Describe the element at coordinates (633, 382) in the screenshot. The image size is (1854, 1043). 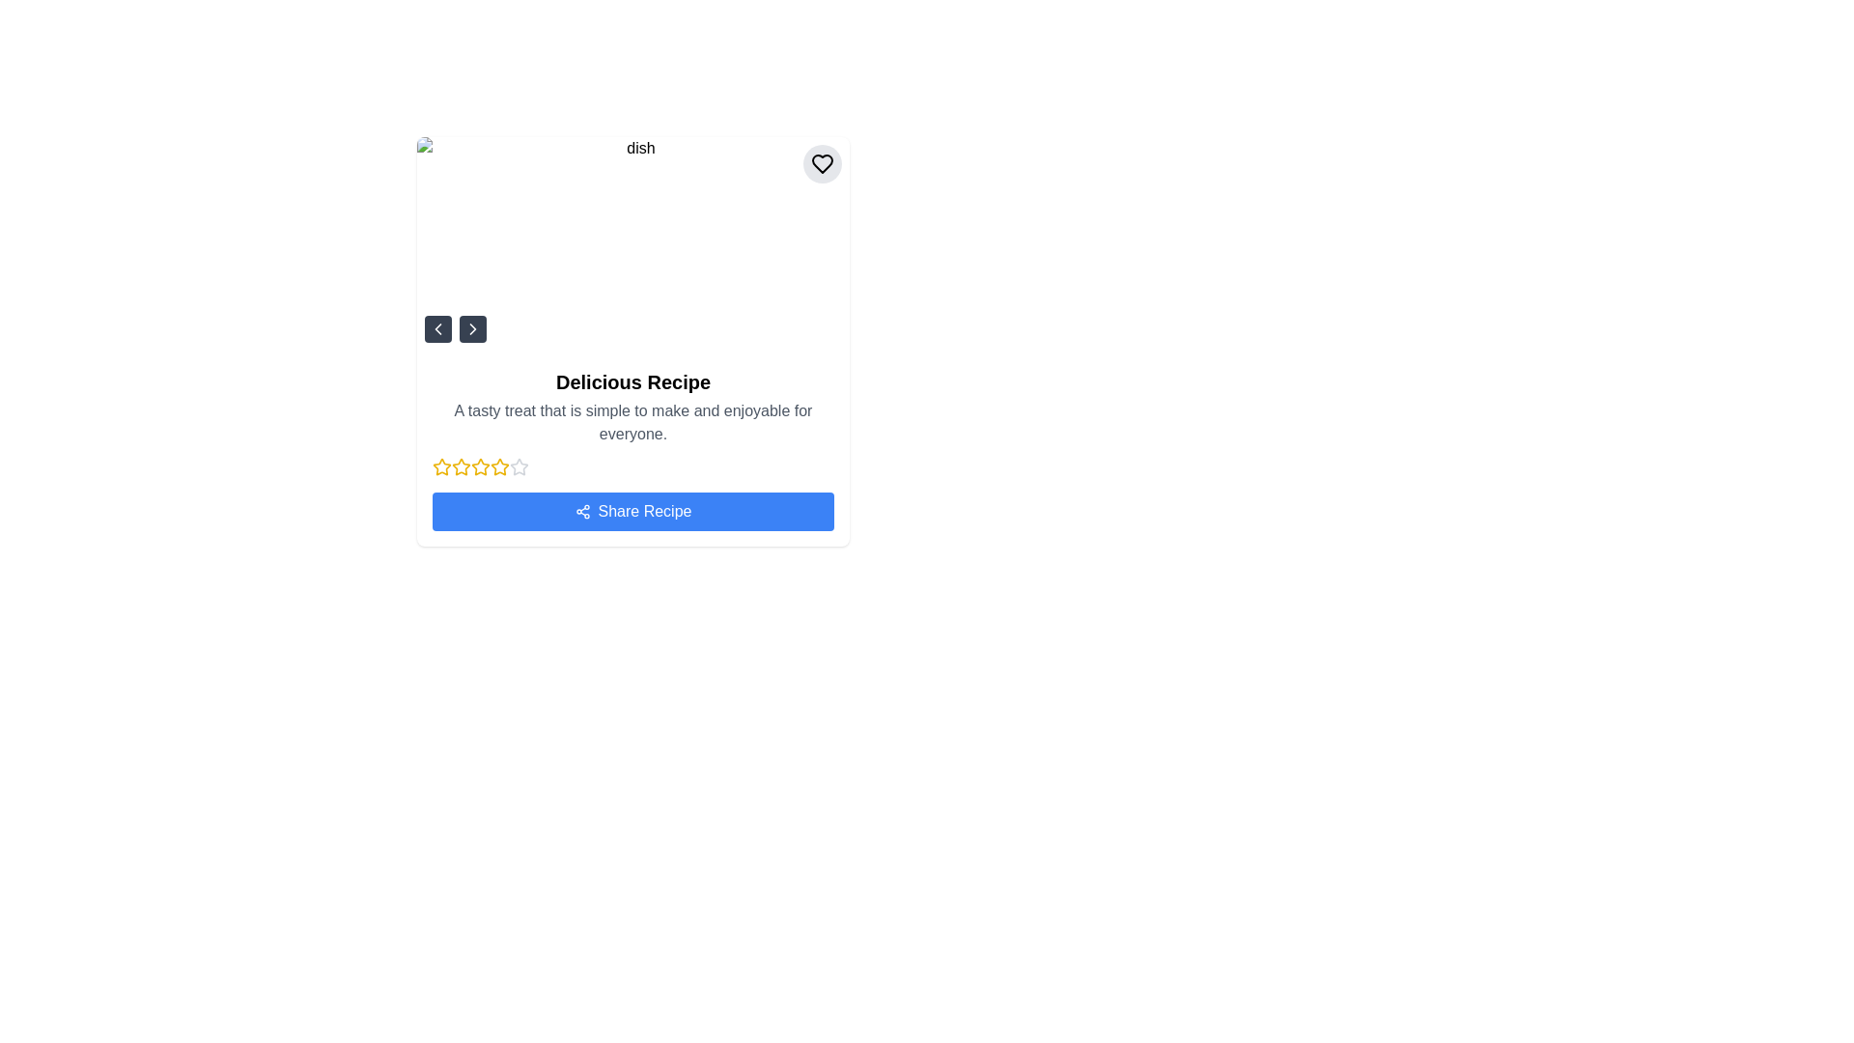
I see `the Text Header that reads 'Delicious Recipe', which is a bold and prominent title located at the upper-middle section of the card layout` at that location.